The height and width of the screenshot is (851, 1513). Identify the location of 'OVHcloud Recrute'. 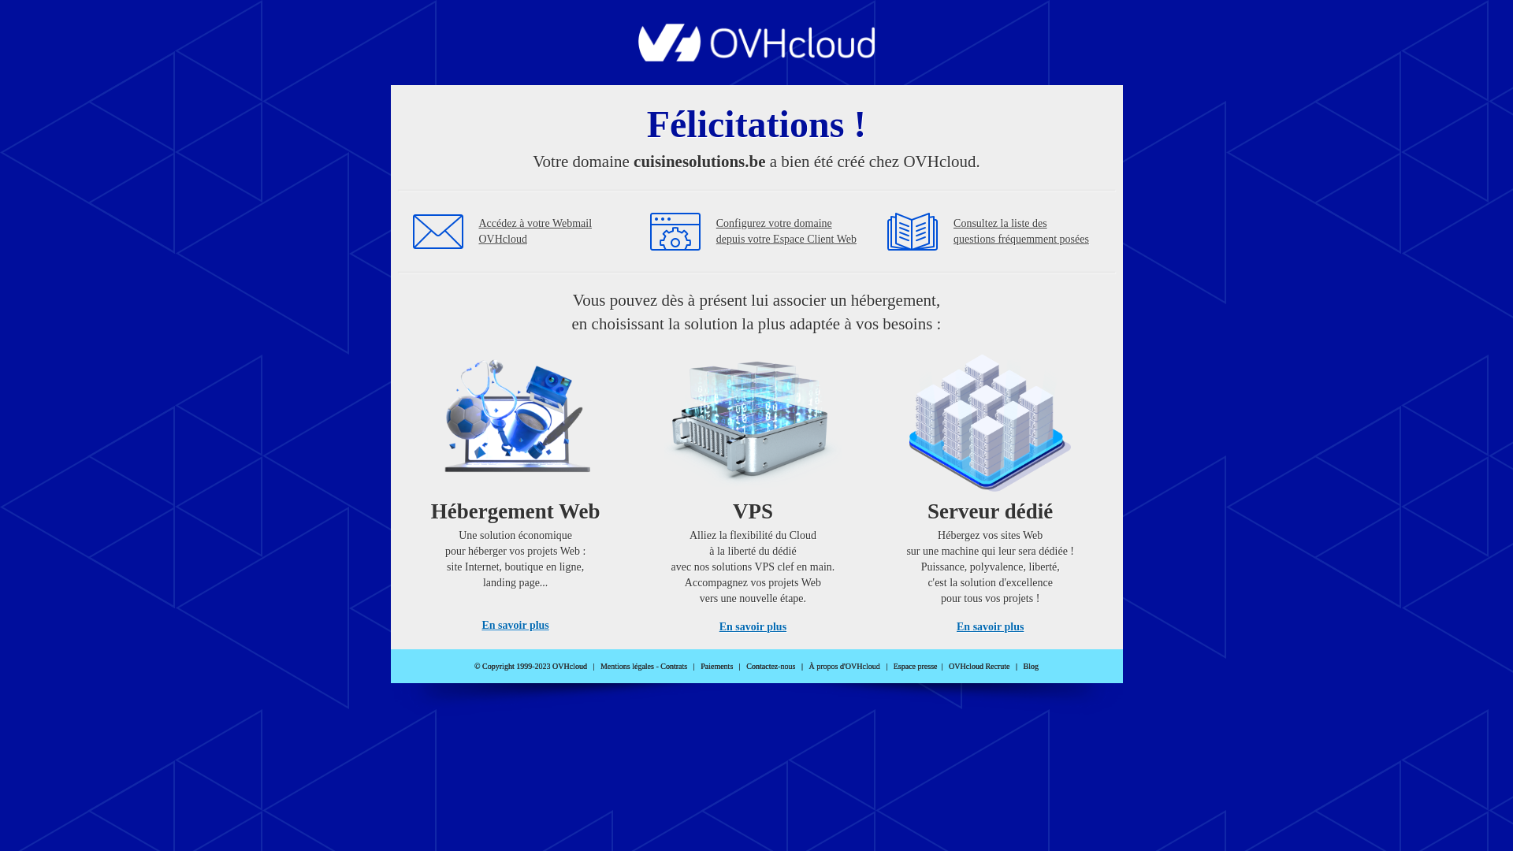
(978, 666).